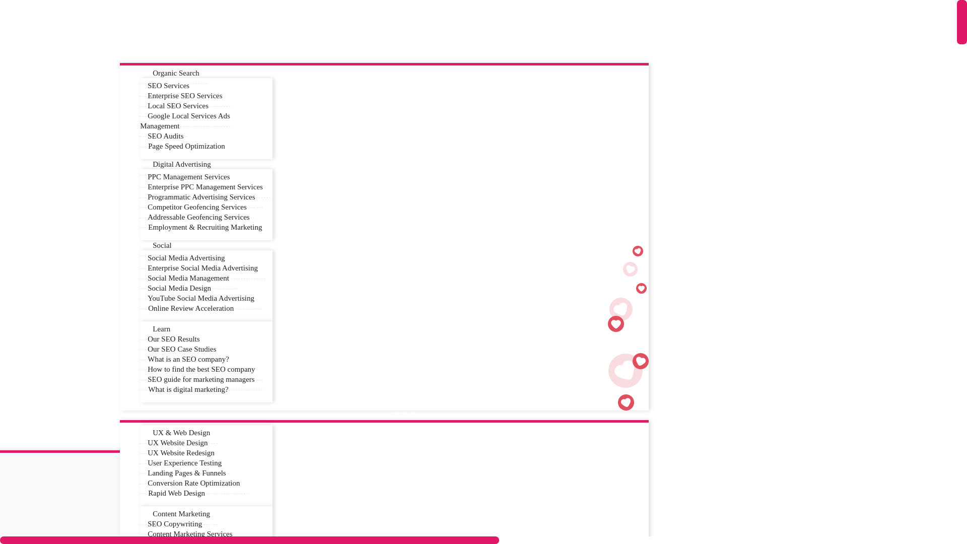 Image resolution: width=967 pixels, height=544 pixels. Describe the element at coordinates (173, 73) in the screenshot. I see `'Organic Search'` at that location.